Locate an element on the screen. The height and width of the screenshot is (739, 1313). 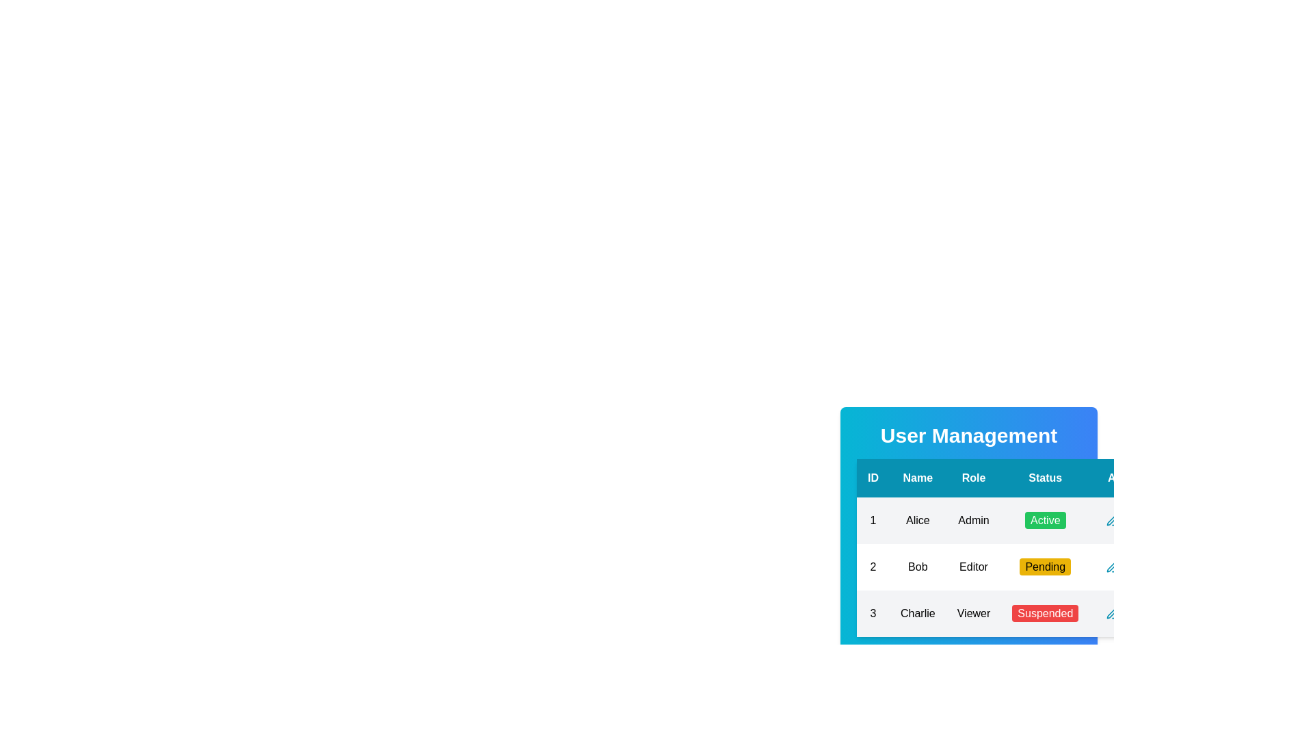
the status label in the second row of the User Management table that indicates the pending status of a user or item is located at coordinates (1044, 567).